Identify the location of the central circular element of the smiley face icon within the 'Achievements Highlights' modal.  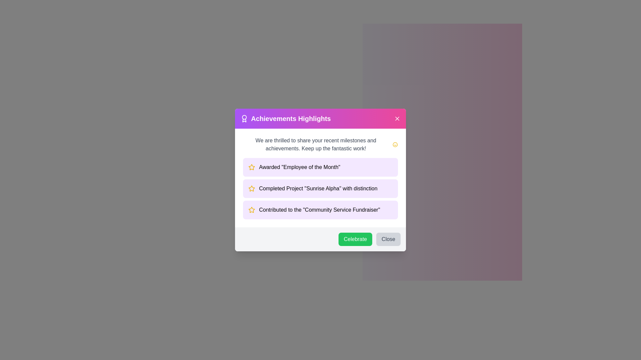
(395, 144).